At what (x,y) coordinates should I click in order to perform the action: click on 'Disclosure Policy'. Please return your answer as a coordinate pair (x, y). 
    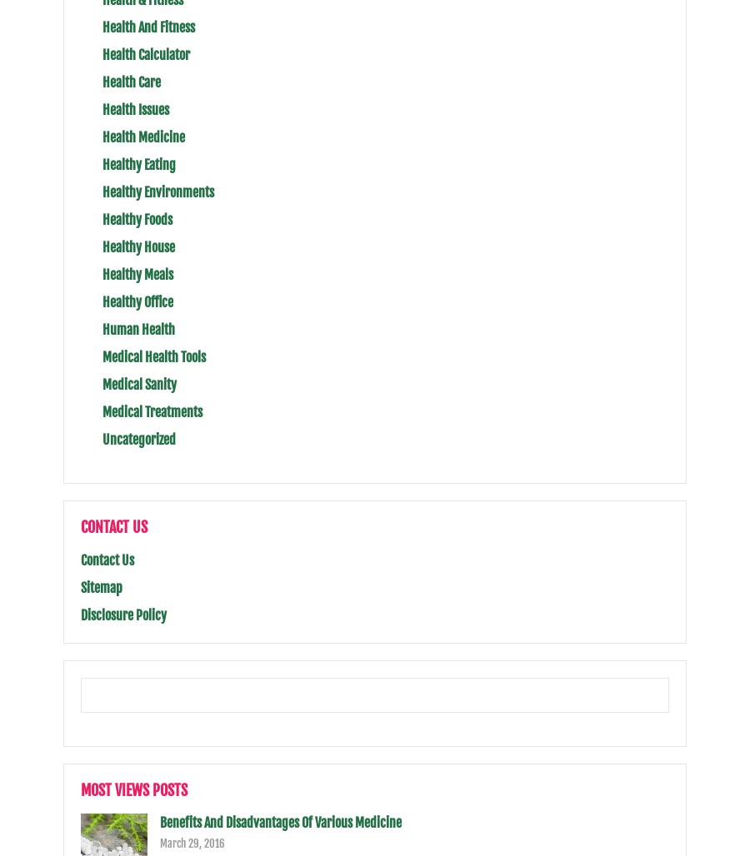
    Looking at the image, I should click on (80, 615).